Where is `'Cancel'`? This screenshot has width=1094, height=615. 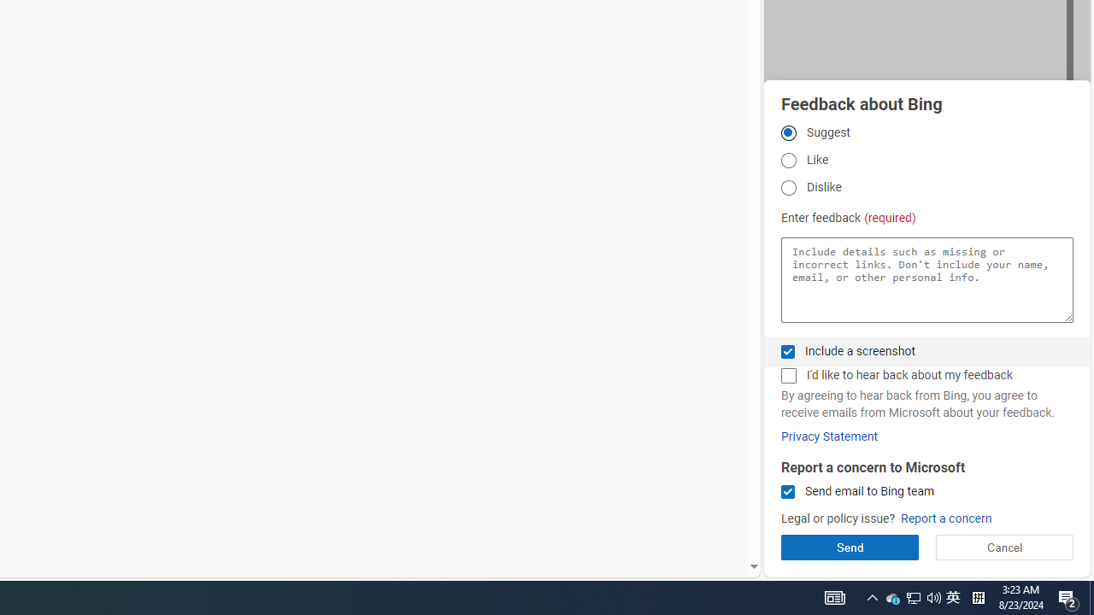 'Cancel' is located at coordinates (1004, 547).